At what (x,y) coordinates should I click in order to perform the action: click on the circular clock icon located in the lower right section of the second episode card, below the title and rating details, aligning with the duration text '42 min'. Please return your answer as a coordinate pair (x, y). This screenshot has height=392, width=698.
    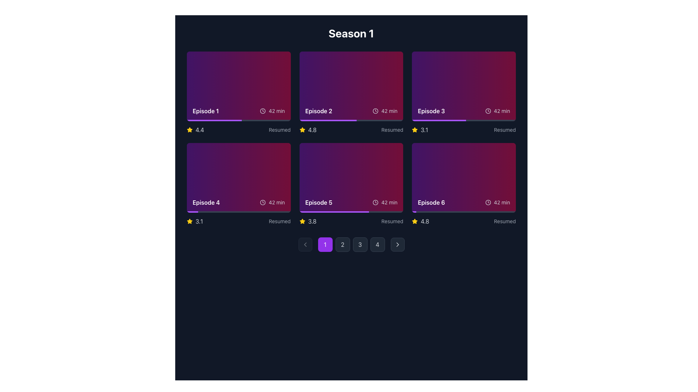
    Looking at the image, I should click on (375, 111).